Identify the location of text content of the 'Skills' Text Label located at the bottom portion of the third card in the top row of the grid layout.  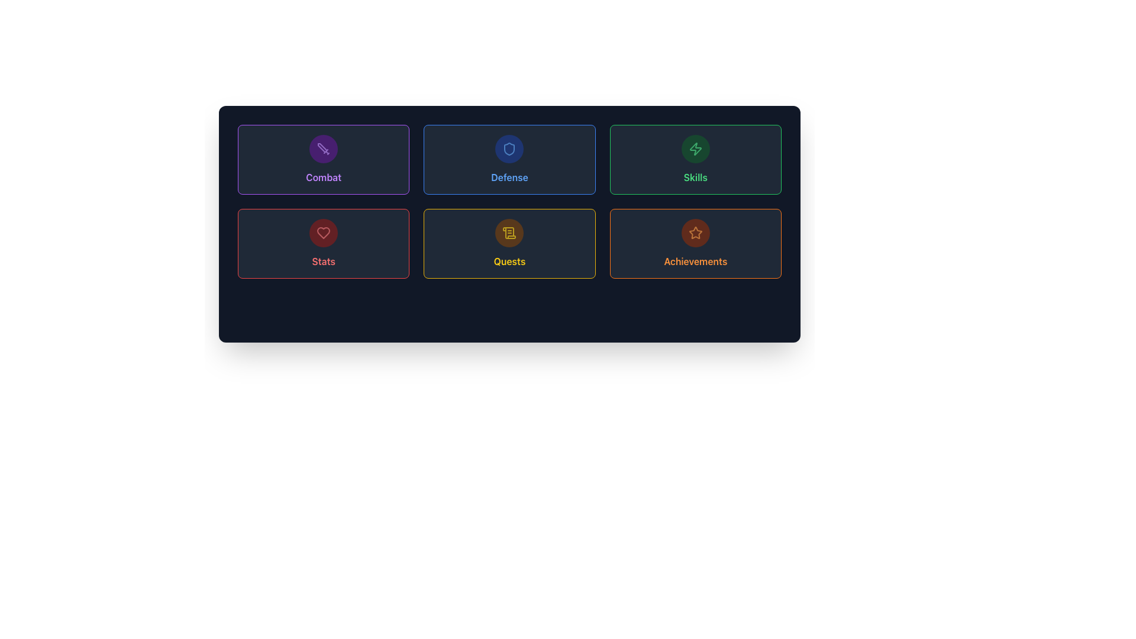
(695, 177).